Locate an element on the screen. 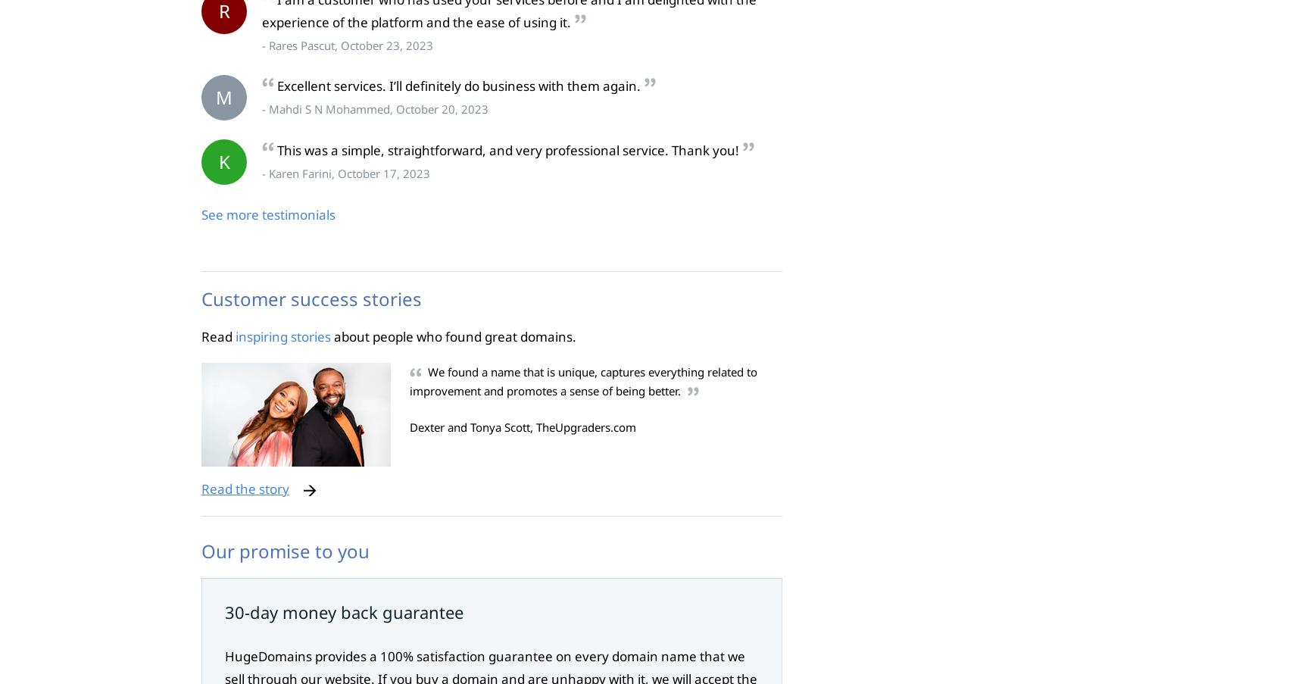  '- Rares Pascut, October 23, 2023' is located at coordinates (347, 43).